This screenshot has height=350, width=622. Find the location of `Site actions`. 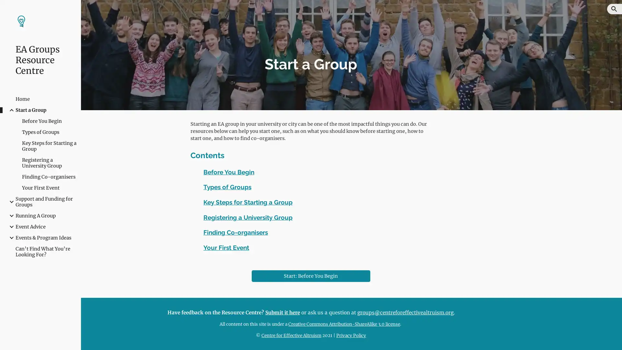

Site actions is located at coordinates (92, 338).